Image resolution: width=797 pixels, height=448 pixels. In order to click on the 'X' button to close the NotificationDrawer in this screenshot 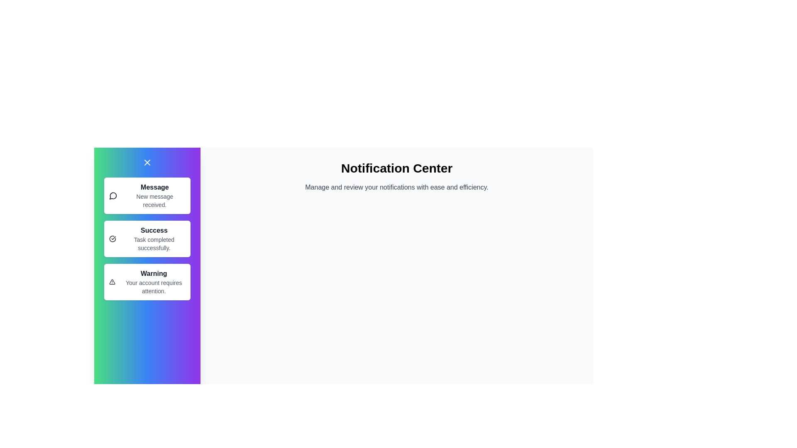, I will do `click(147, 163)`.